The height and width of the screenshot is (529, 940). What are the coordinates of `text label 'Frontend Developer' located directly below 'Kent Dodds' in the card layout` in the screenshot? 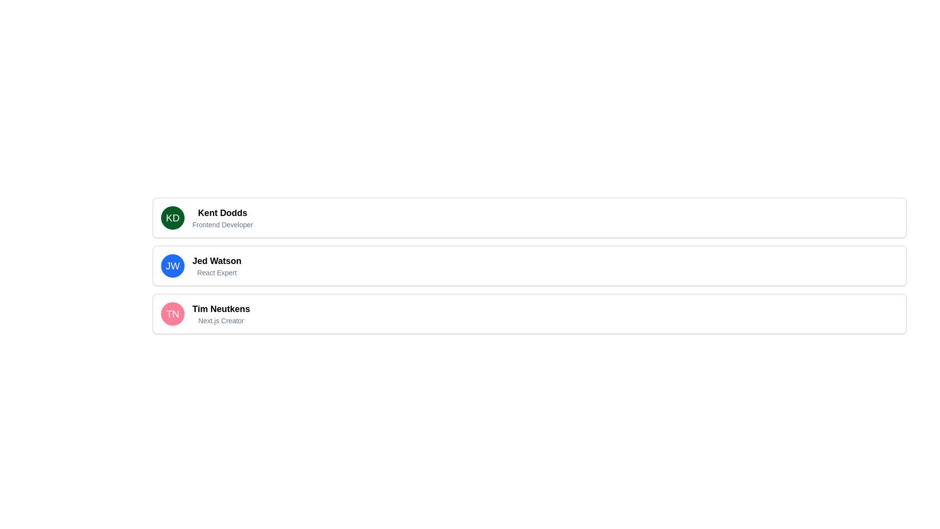 It's located at (222, 225).